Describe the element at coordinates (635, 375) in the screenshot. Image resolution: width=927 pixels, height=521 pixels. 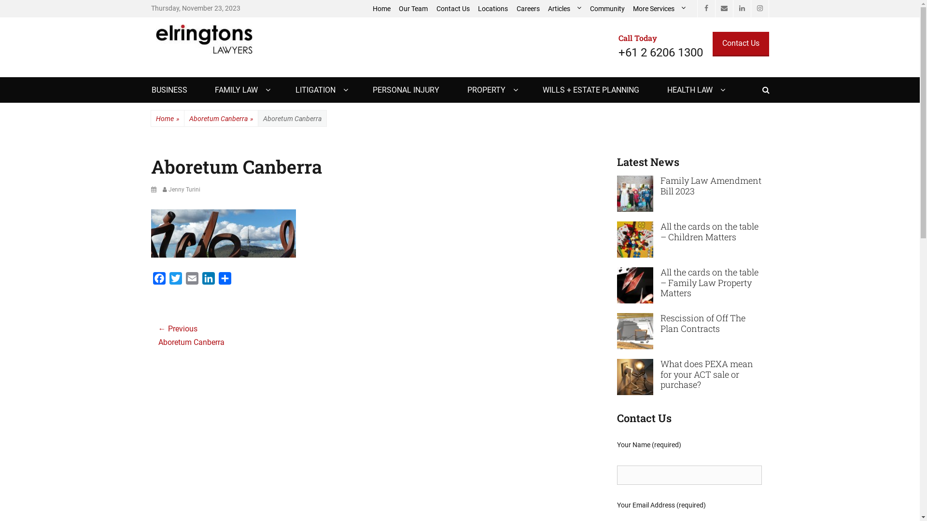
I see `'What does PEXA mean for your ACT sale or purchase?'` at that location.